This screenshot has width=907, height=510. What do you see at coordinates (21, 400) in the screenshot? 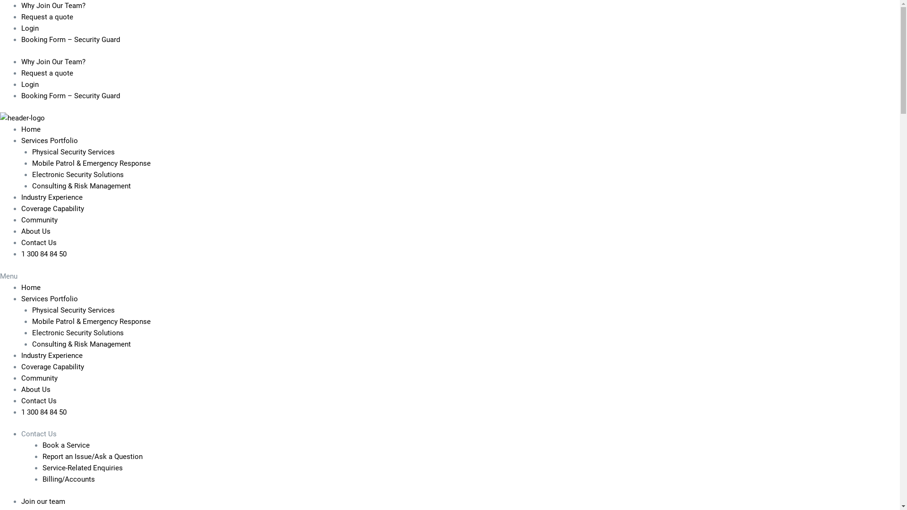
I see `'Contact Us'` at bounding box center [21, 400].